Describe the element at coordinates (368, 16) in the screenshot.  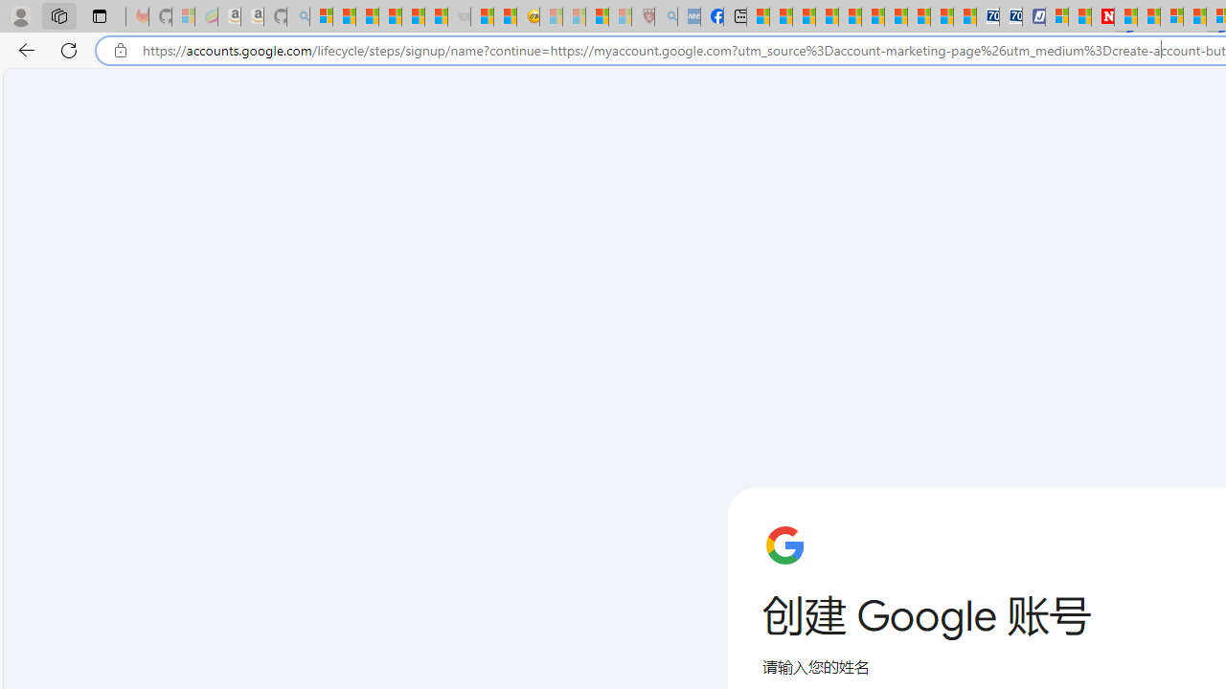
I see `'The Weather Channel - MSN'` at that location.